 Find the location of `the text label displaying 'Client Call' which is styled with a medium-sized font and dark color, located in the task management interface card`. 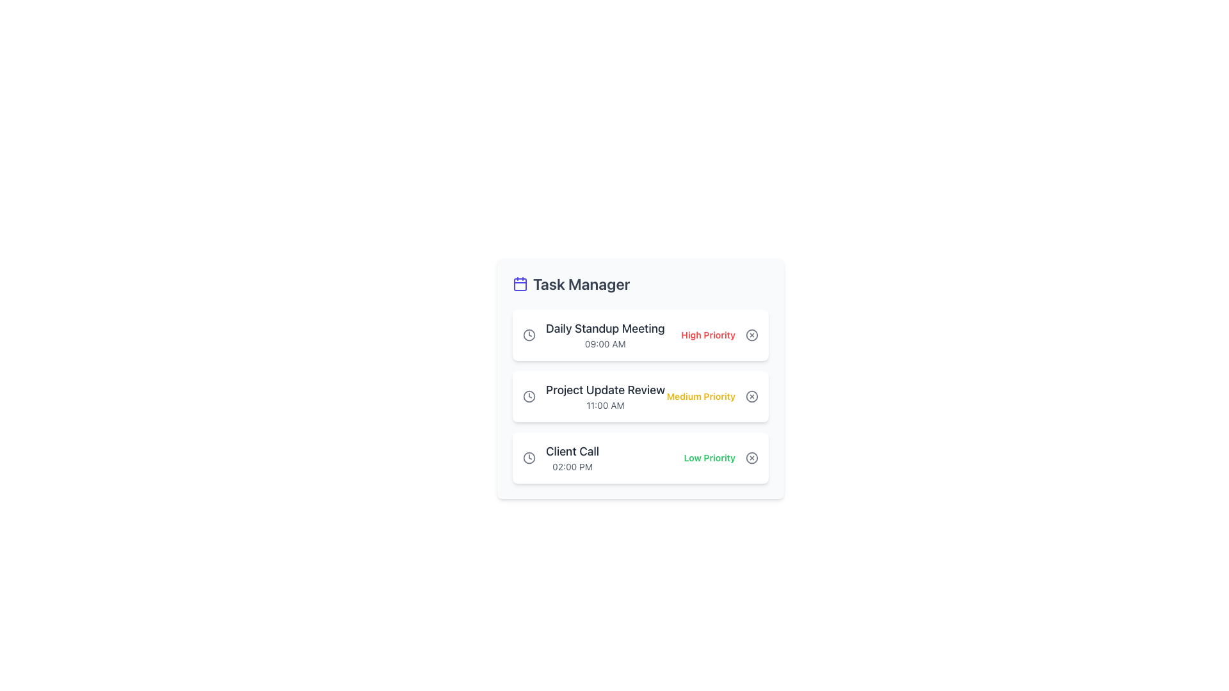

the text label displaying 'Client Call' which is styled with a medium-sized font and dark color, located in the task management interface card is located at coordinates (572, 450).